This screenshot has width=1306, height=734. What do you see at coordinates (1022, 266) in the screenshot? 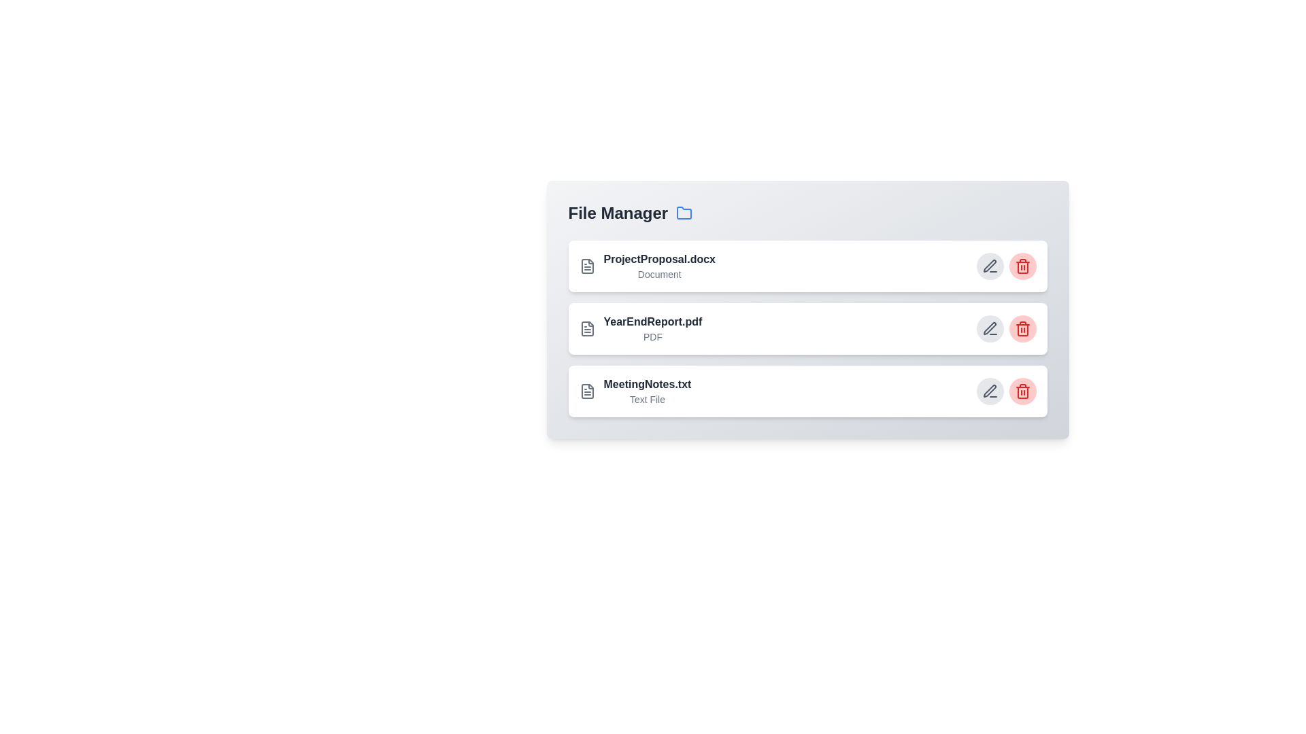
I see `delete button for the file named ProjectProposal.docx` at bounding box center [1022, 266].